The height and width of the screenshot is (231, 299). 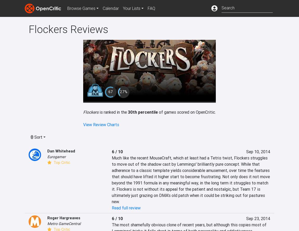 I want to click on 'Flockers Reviews', so click(x=28, y=29).